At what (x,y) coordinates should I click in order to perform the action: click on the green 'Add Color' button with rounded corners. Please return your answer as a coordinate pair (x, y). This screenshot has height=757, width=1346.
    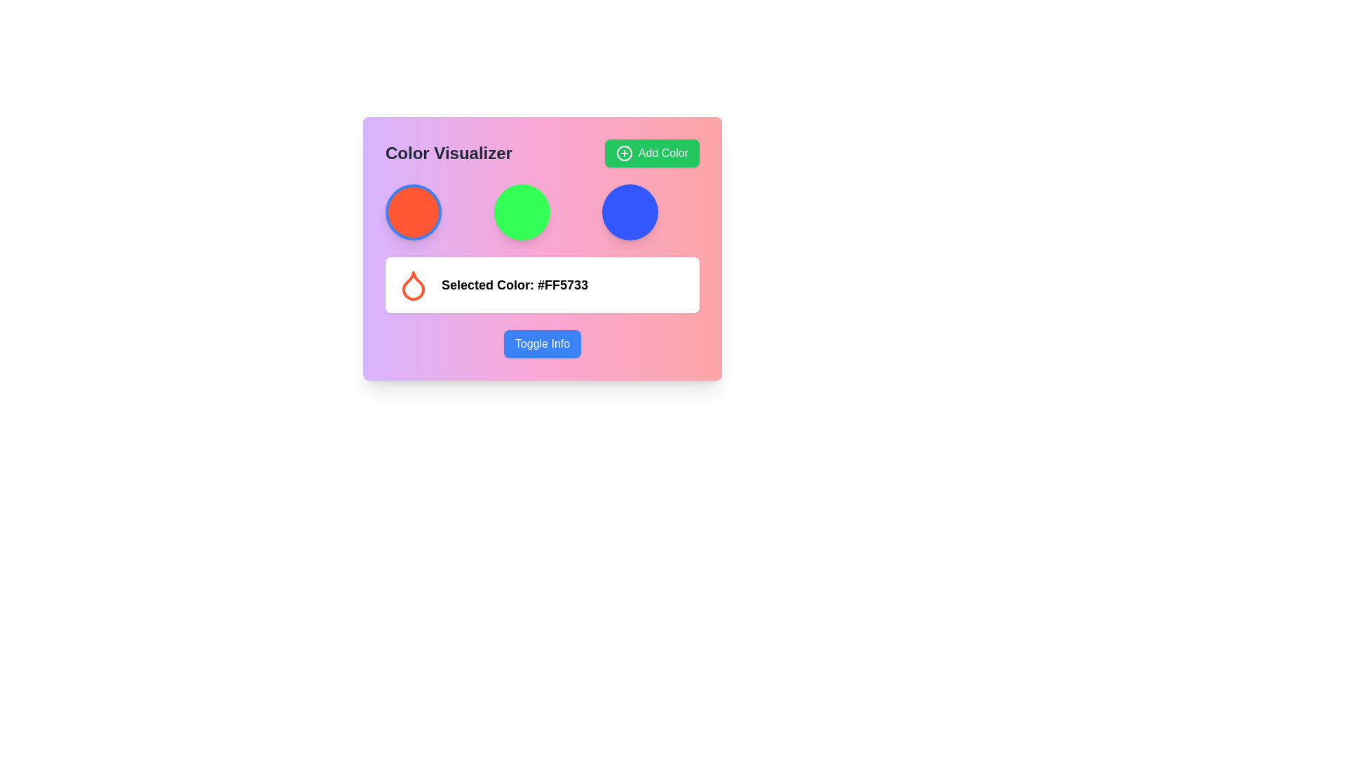
    Looking at the image, I should click on (651, 154).